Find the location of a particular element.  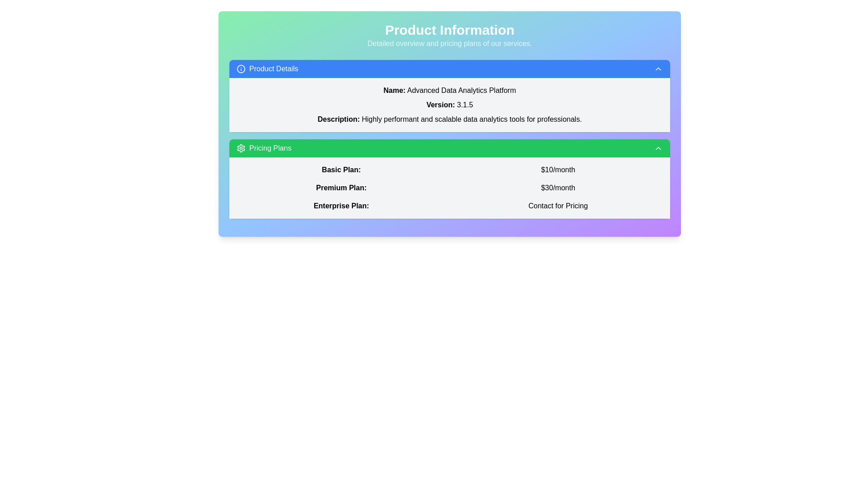

the SVG circle icon located within the 'Product Details' section, which is visually represented in alignment with the blue header is located at coordinates (241, 69).